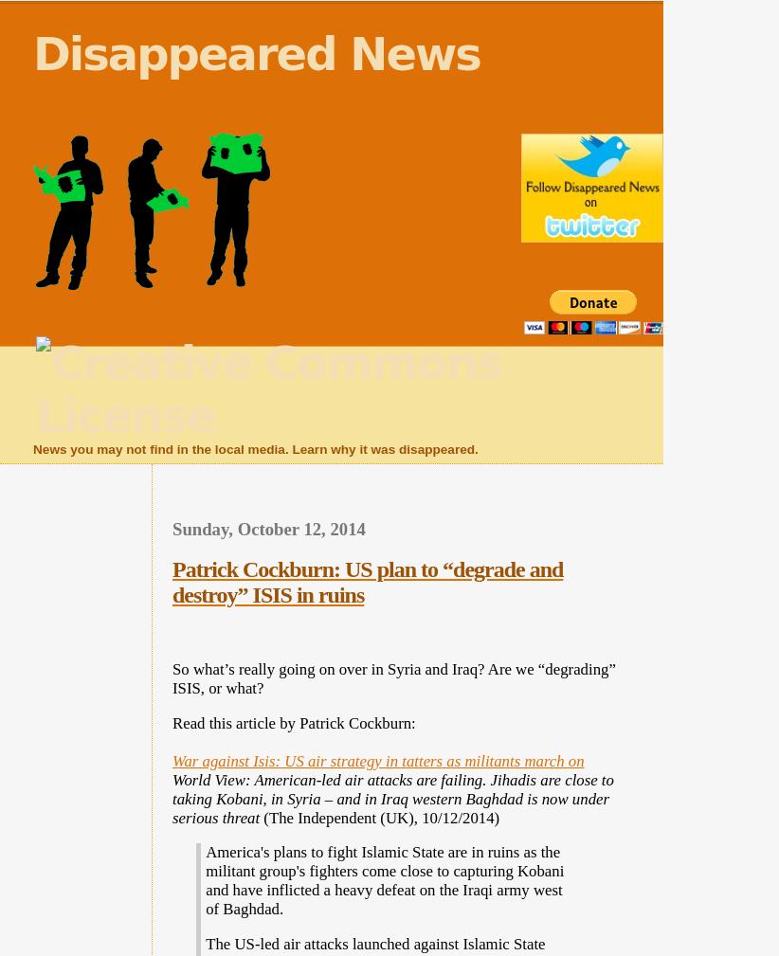 This screenshot has width=779, height=956. I want to click on '(The Independent (UK), 10/12/2014)', so click(263, 817).